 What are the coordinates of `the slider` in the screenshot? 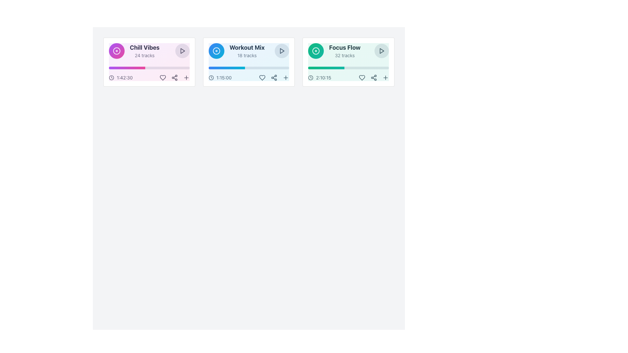 It's located at (208, 68).